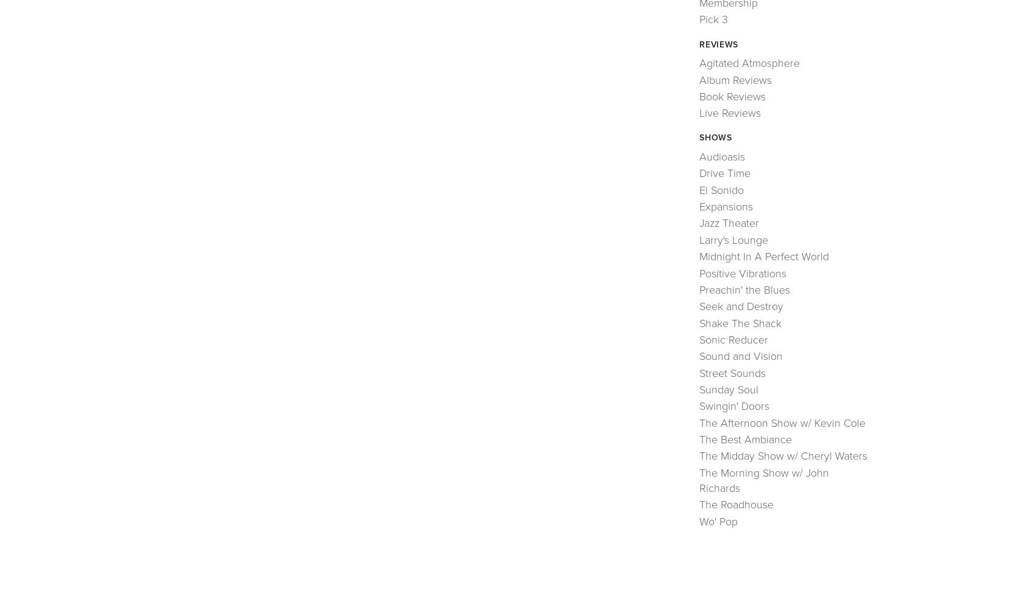  What do you see at coordinates (699, 239) in the screenshot?
I see `'Larry's Lounge'` at bounding box center [699, 239].